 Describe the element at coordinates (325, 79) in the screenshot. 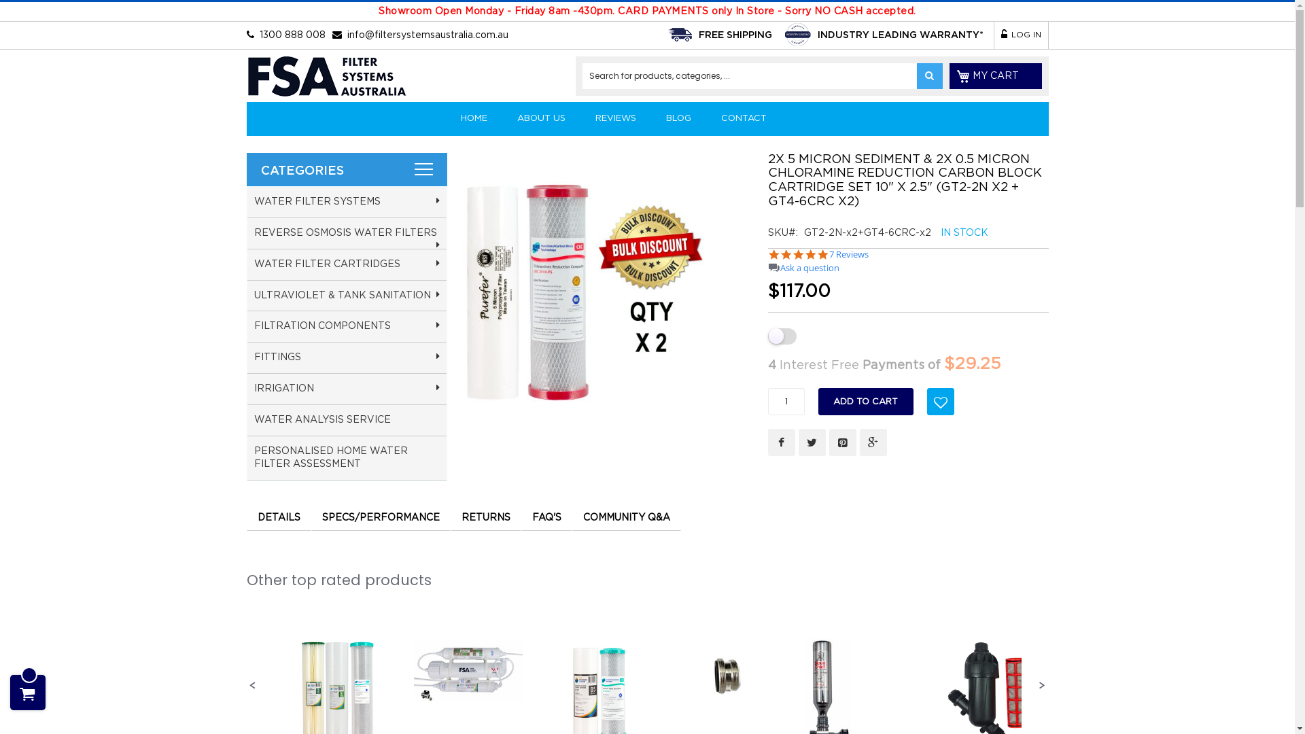

I see `'Filter System Australia'` at that location.